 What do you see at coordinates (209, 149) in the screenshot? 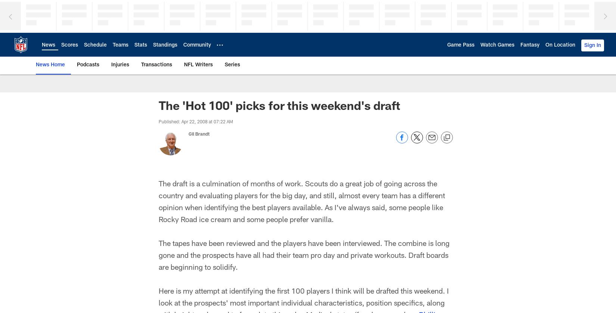
I see `'NFC North'` at bounding box center [209, 149].